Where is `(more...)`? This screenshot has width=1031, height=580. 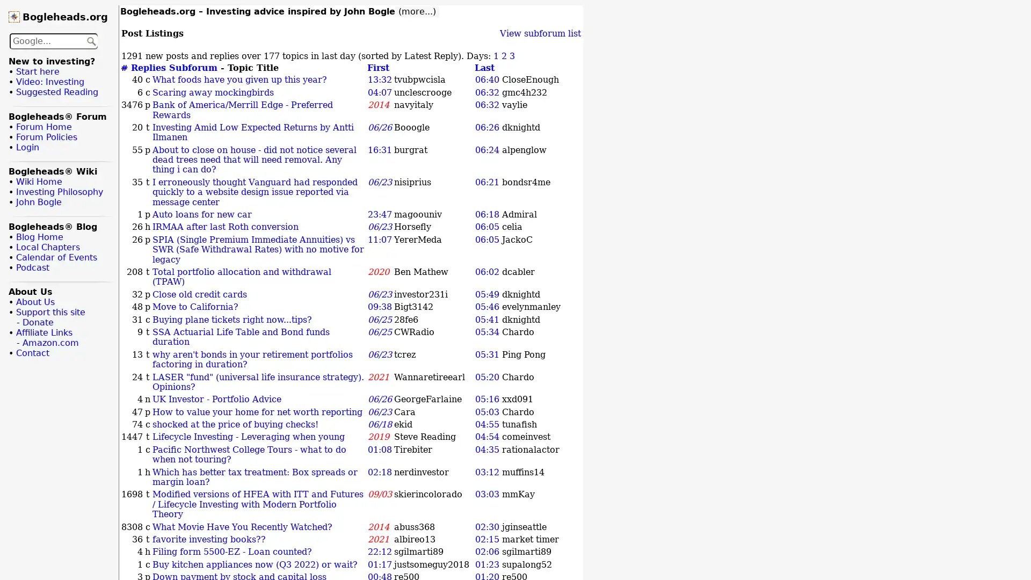 (more...) is located at coordinates (417, 12).